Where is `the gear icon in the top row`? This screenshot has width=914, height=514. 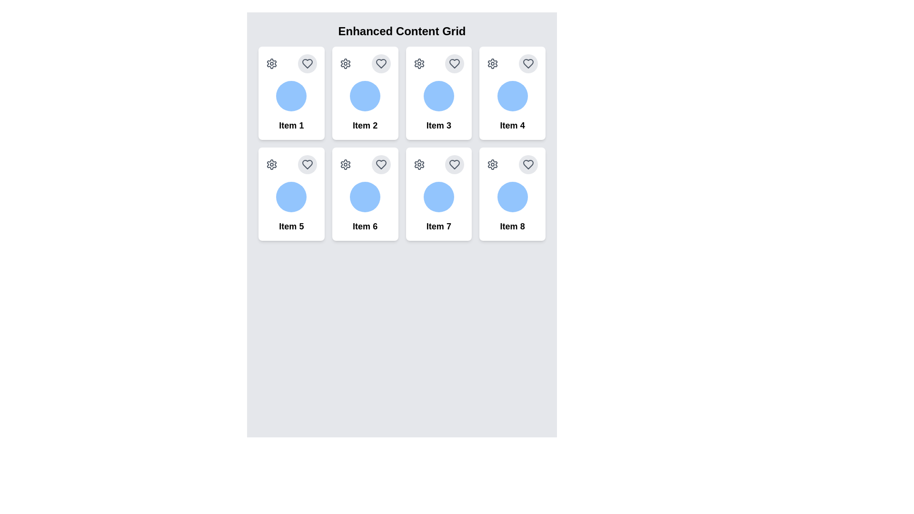
the gear icon in the top row is located at coordinates (271, 64).